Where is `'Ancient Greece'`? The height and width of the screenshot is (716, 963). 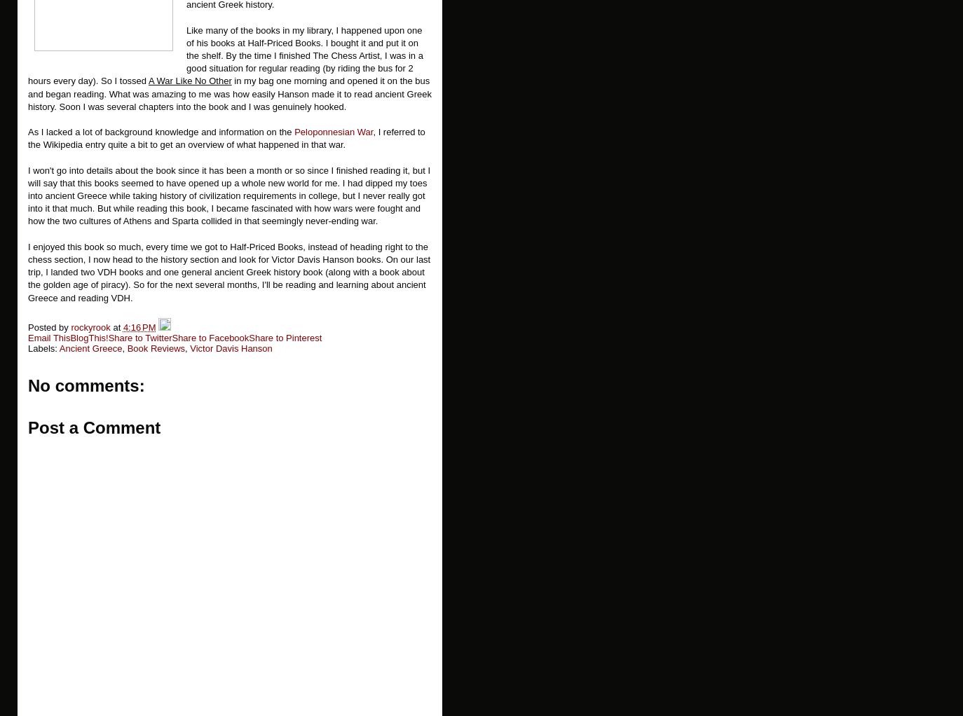
'Ancient Greece' is located at coordinates (57, 348).